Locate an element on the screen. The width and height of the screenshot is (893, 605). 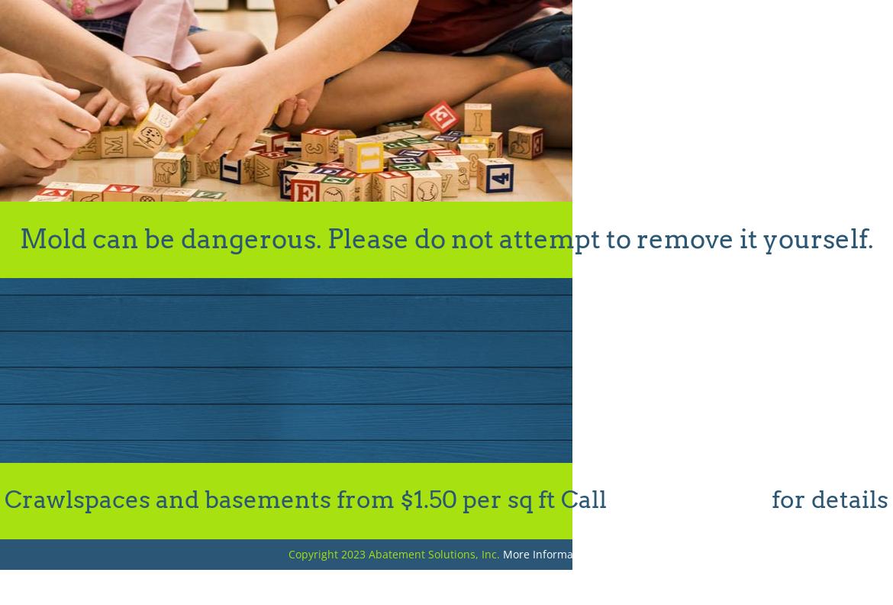
'for details' is located at coordinates (827, 500).